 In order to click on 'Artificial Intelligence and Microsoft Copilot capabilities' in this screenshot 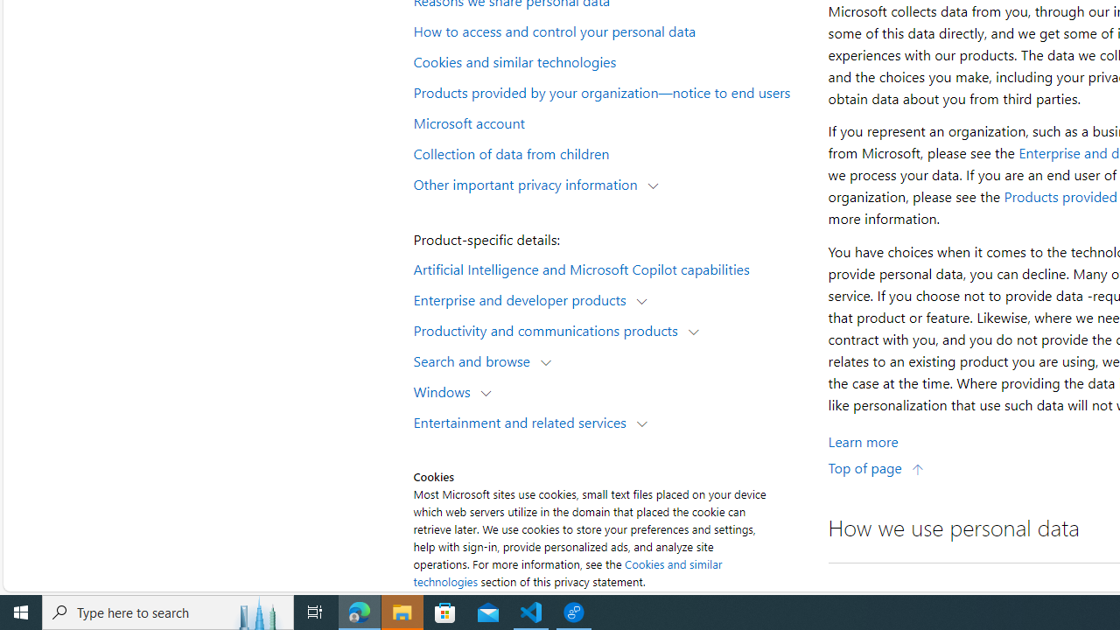, I will do `click(609, 268)`.